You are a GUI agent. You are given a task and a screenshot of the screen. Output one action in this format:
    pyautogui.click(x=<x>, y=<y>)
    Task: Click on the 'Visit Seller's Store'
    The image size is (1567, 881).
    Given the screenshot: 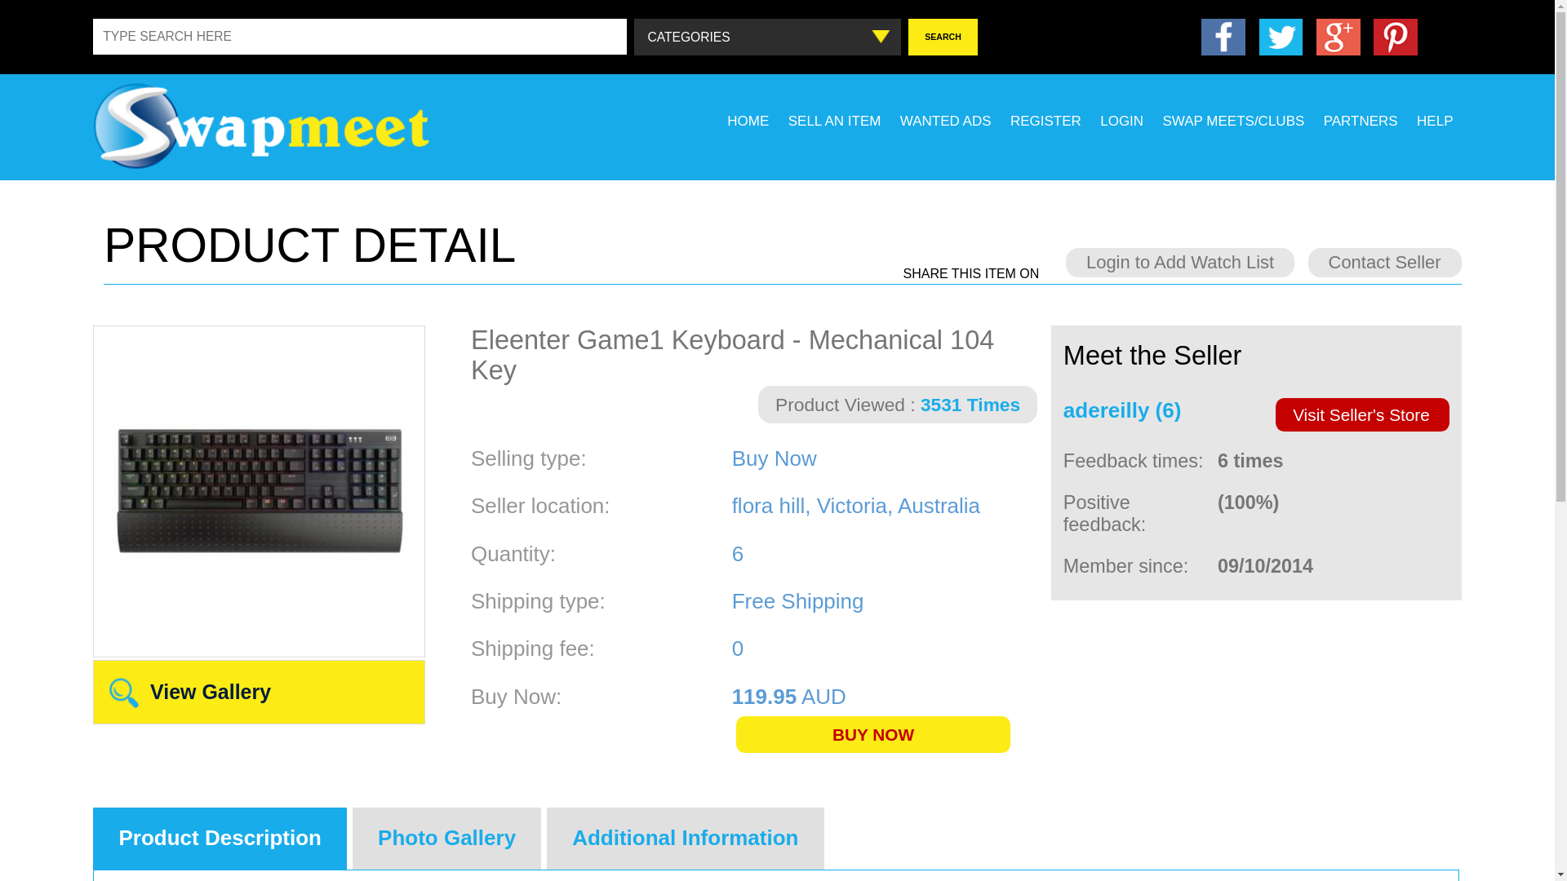 What is the action you would take?
    pyautogui.click(x=1362, y=414)
    